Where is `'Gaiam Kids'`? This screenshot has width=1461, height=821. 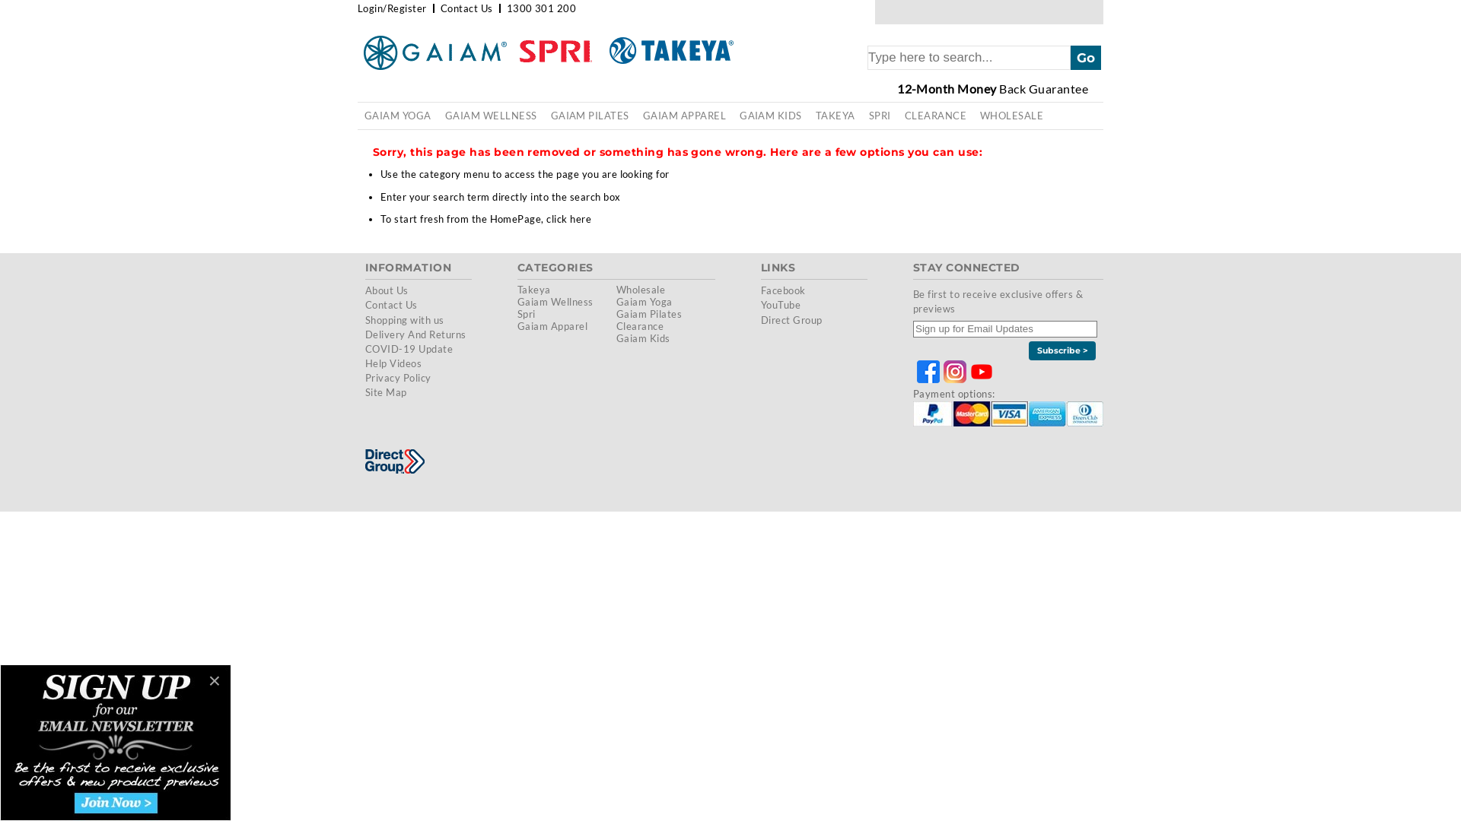 'Gaiam Kids' is located at coordinates (643, 337).